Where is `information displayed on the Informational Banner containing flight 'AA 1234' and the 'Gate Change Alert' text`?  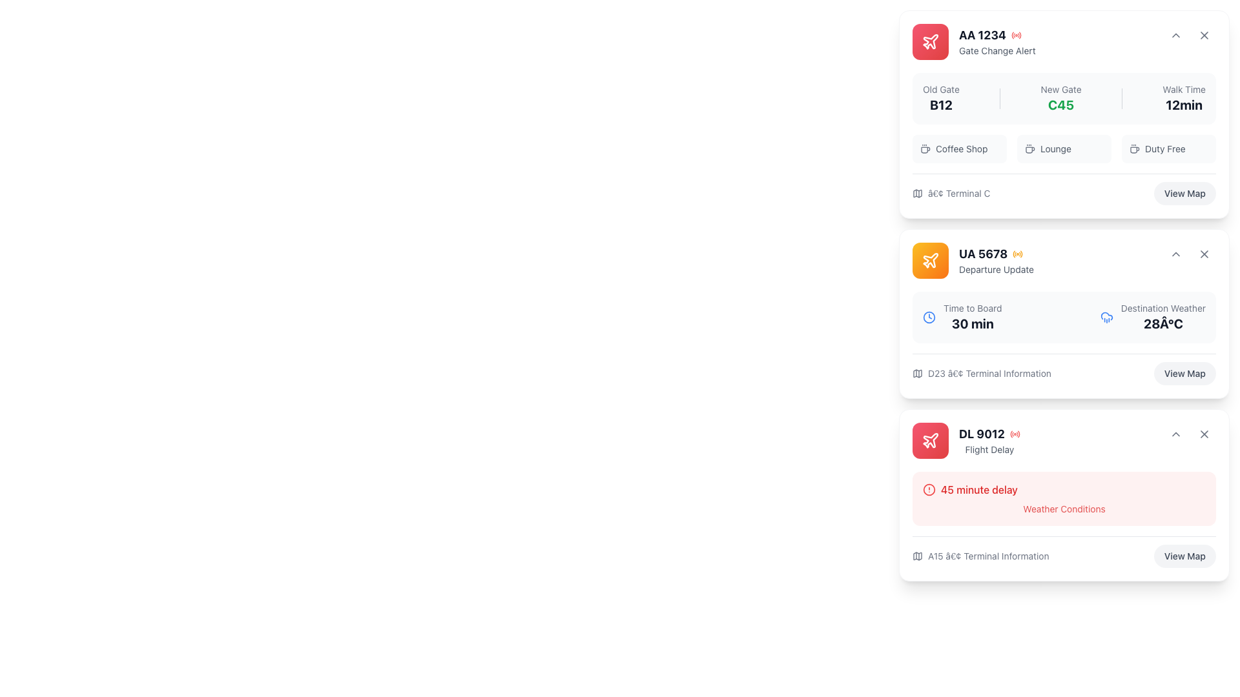 information displayed on the Informational Banner containing flight 'AA 1234' and the 'Gate Change Alert' text is located at coordinates (974, 41).